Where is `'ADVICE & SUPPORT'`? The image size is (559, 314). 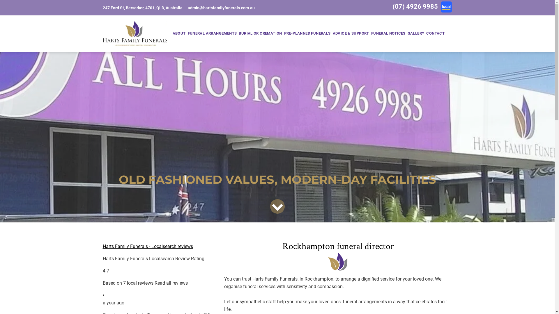
'ADVICE & SUPPORT' is located at coordinates (350, 33).